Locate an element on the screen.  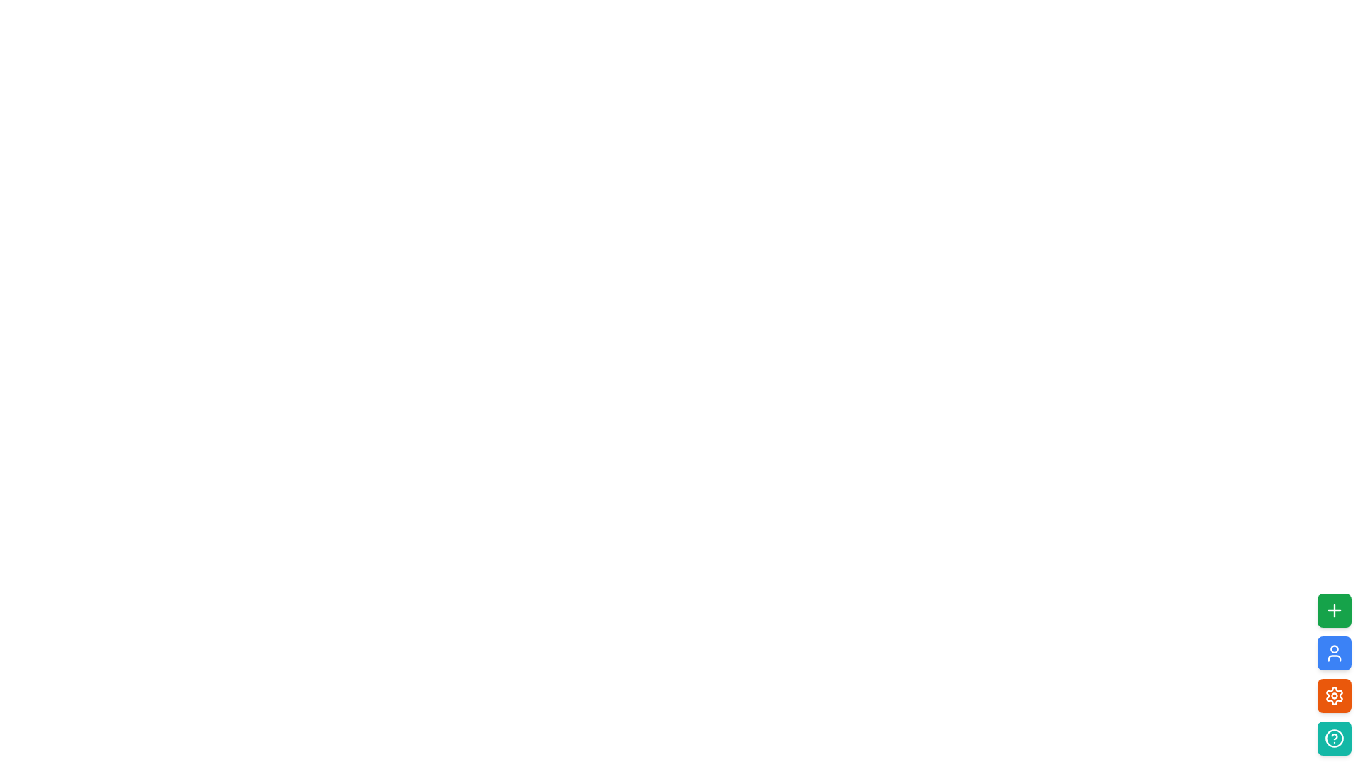
the upper circular entity of the user-profile icon, which represents the head of a person is located at coordinates (1334, 649).